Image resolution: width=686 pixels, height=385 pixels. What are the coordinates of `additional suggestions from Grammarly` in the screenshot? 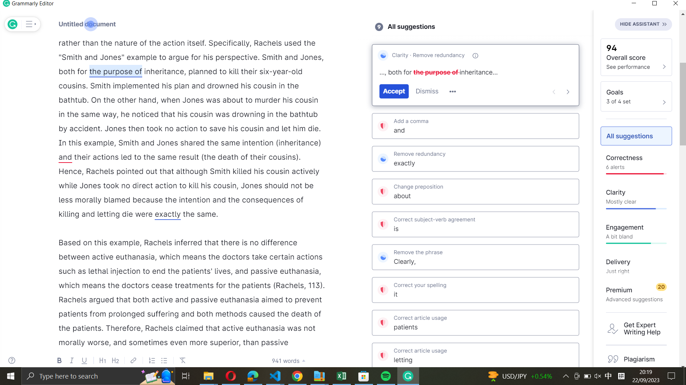 It's located at (452, 92).